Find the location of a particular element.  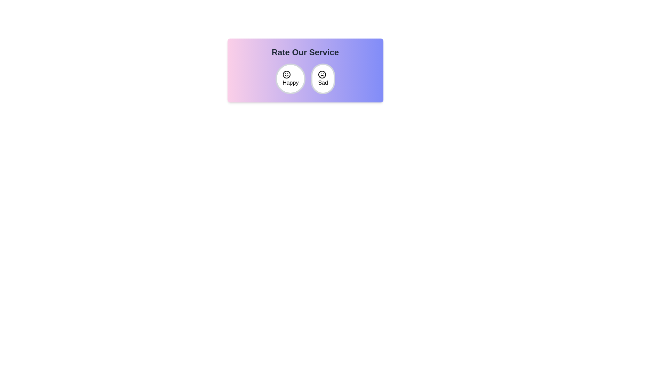

the Happy button to select it as the rating is located at coordinates (291, 78).